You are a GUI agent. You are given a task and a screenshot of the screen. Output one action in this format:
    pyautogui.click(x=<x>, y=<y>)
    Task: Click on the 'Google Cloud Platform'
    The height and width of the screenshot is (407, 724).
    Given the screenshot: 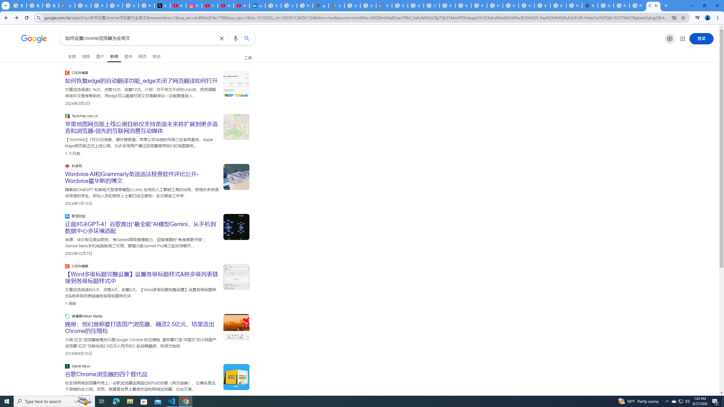 What is the action you would take?
    pyautogui.click(x=527, y=5)
    